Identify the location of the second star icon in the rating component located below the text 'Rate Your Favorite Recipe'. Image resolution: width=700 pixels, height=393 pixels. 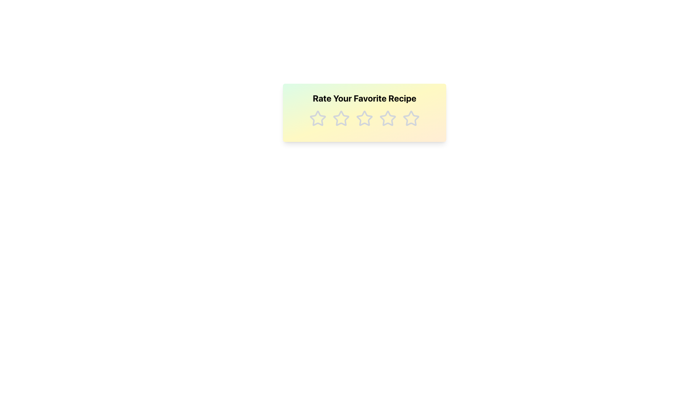
(341, 118).